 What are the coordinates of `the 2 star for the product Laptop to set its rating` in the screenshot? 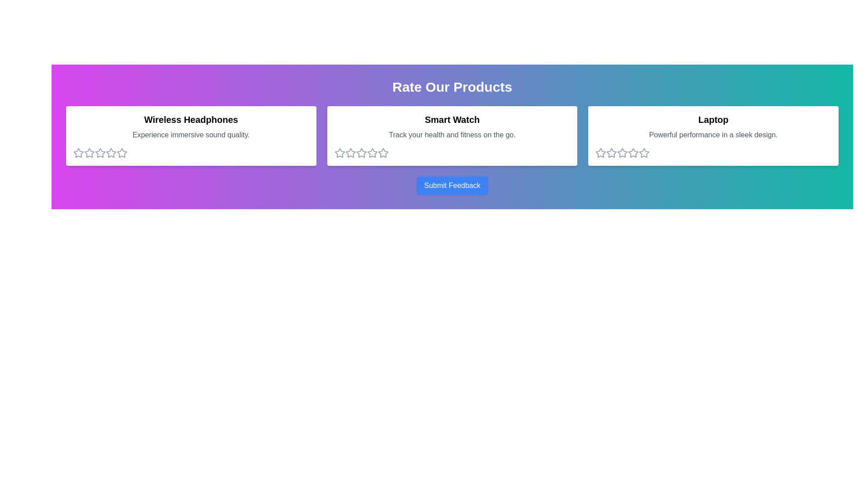 It's located at (612, 153).